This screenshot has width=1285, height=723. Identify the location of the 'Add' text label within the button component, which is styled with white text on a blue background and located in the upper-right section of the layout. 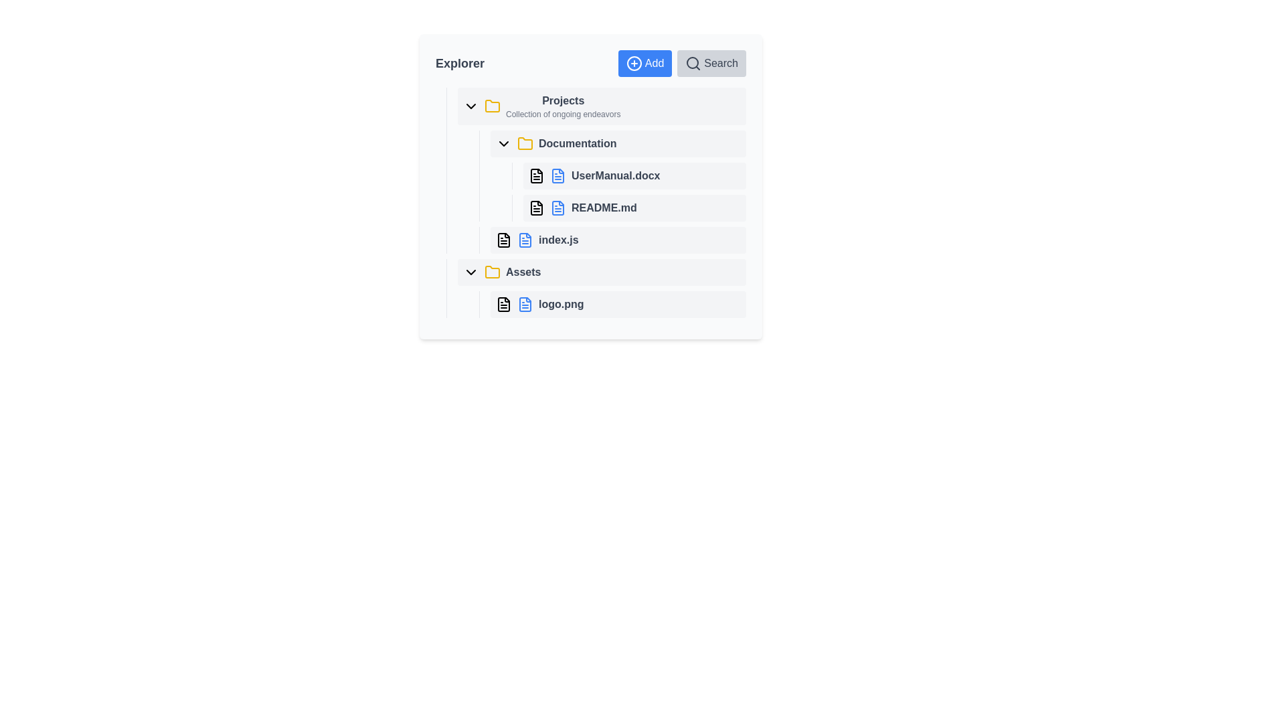
(655, 64).